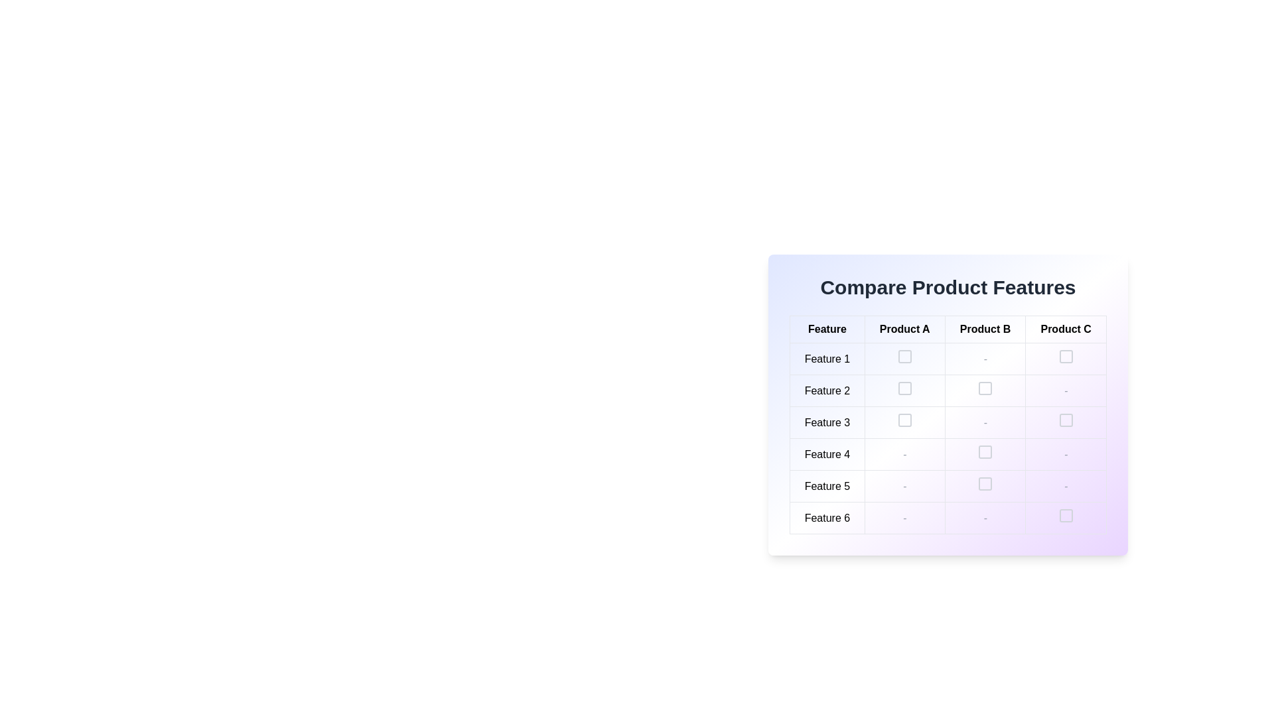 This screenshot has height=716, width=1274. What do you see at coordinates (985, 483) in the screenshot?
I see `the checkbox located in the Feature 5 row under the Product B column in the comparison table` at bounding box center [985, 483].